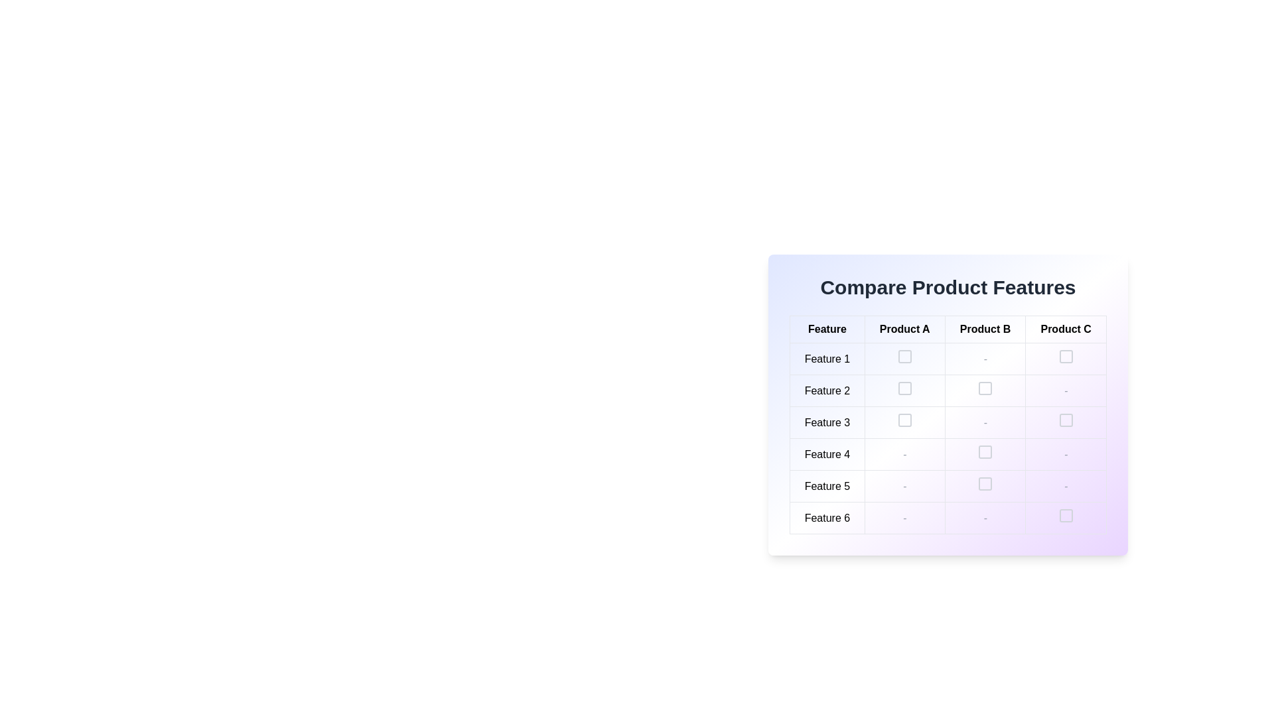 This screenshot has height=716, width=1274. What do you see at coordinates (985, 483) in the screenshot?
I see `the checkbox located in the Feature 5 row under the Product B column in the comparison table` at bounding box center [985, 483].